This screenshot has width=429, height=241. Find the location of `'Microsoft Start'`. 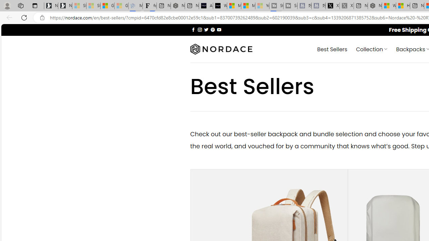

'Microsoft Start' is located at coordinates (248, 6).